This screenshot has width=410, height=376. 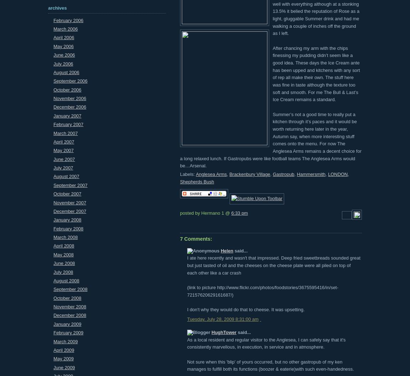 I want to click on 'December 2007', so click(x=69, y=211).